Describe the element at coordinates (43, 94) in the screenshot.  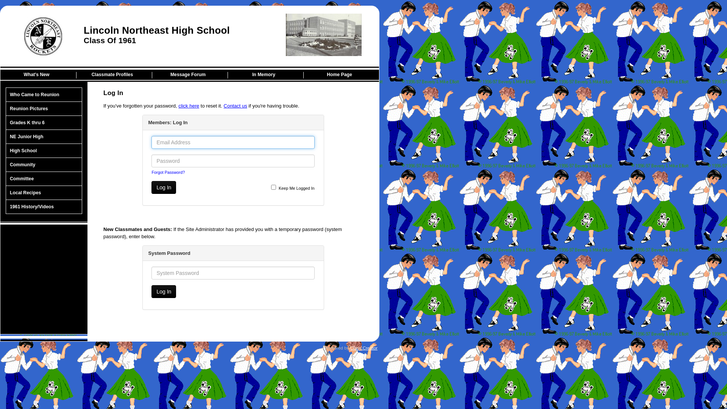
I see `'Who Came to Reunion'` at that location.